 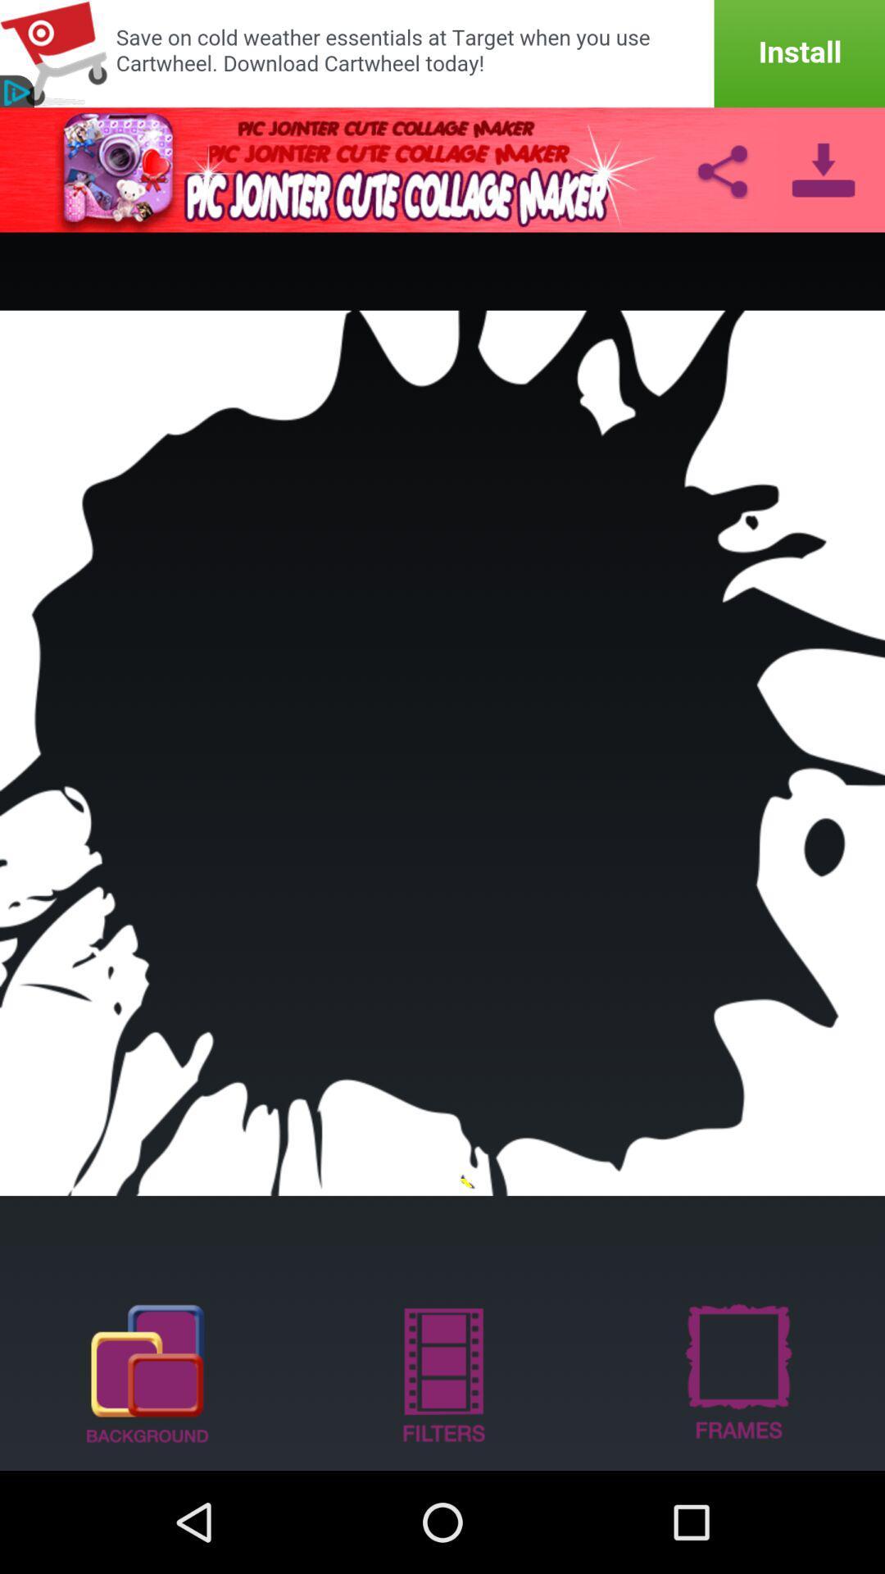 What do you see at coordinates (147, 1372) in the screenshot?
I see `background` at bounding box center [147, 1372].